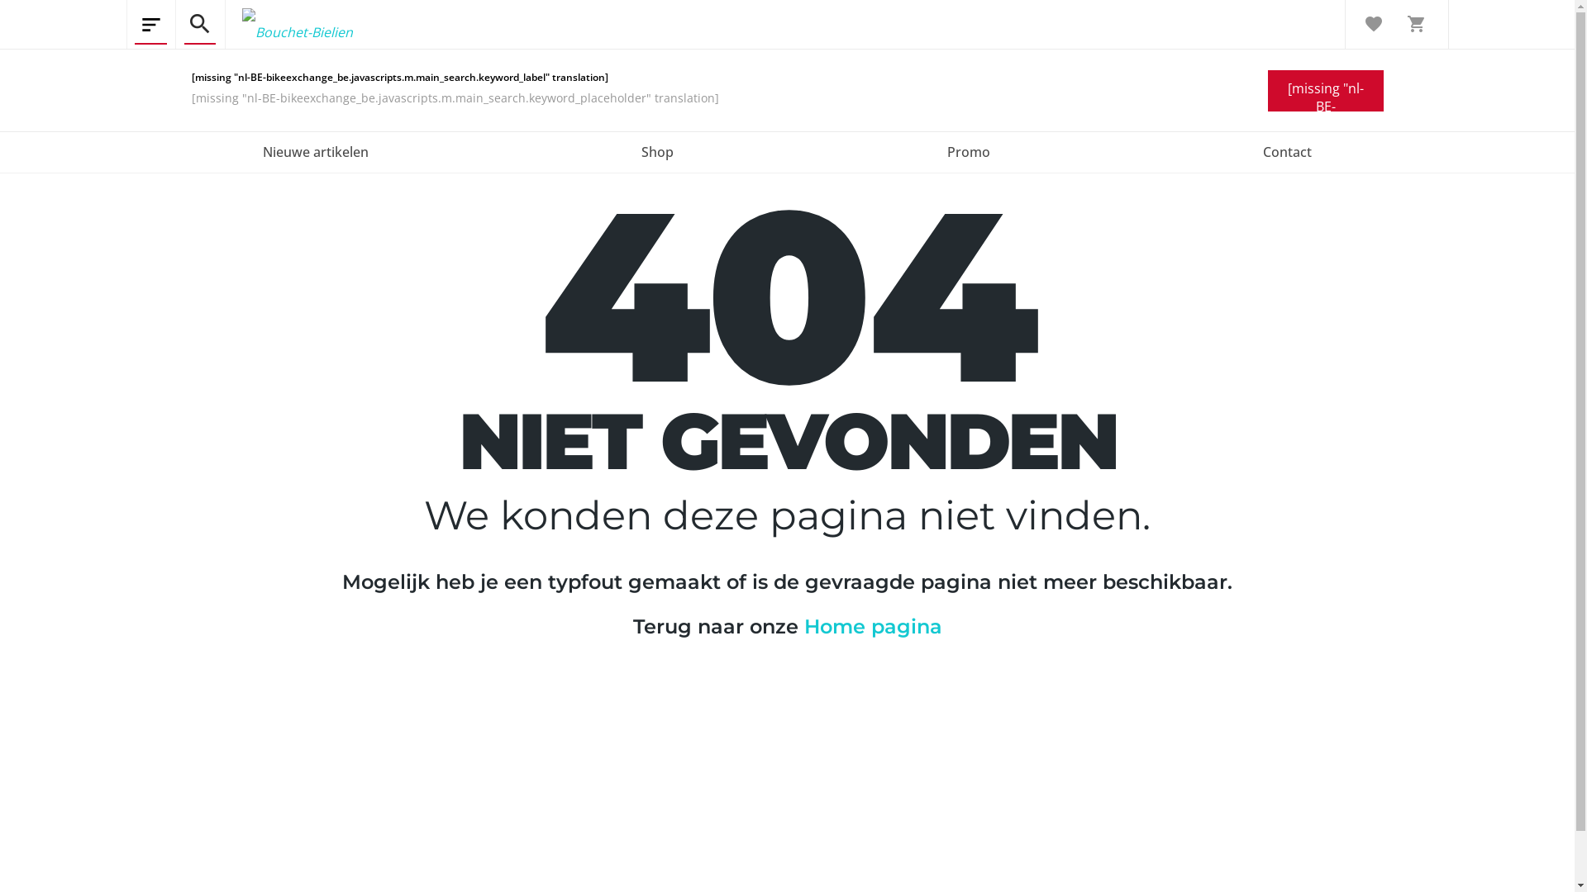  Describe the element at coordinates (968, 153) in the screenshot. I see `'Promo'` at that location.